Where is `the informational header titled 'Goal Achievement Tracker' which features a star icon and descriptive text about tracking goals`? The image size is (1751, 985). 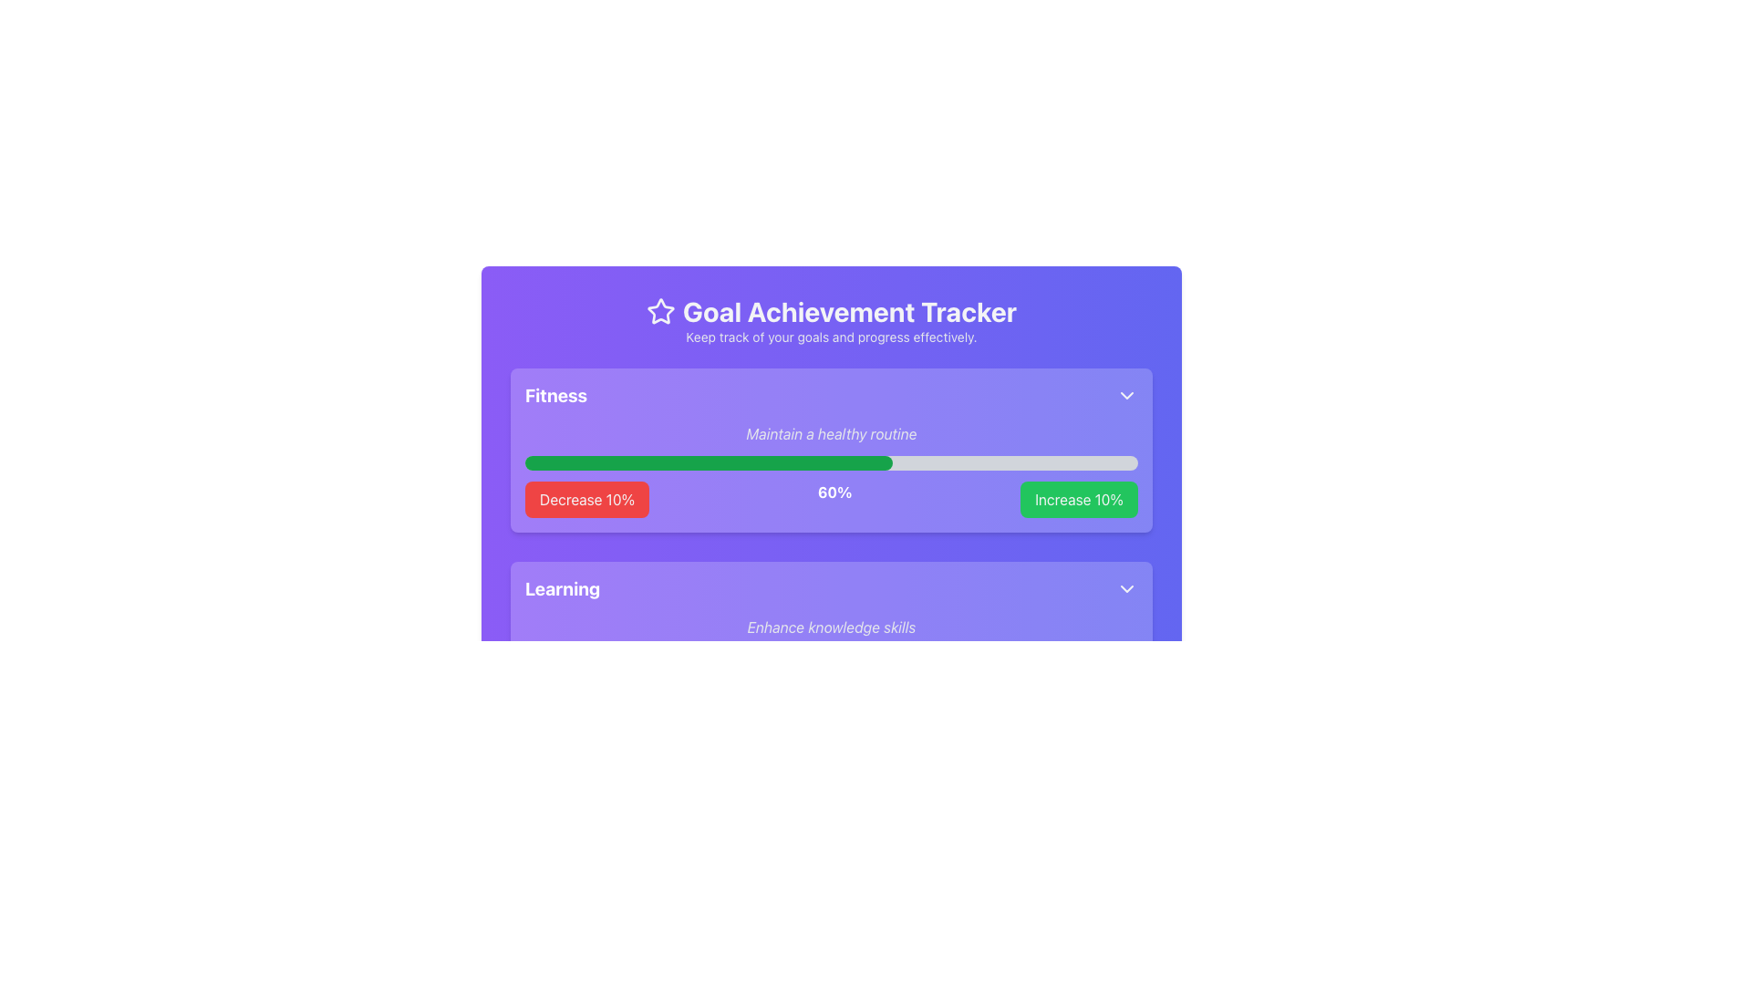 the informational header titled 'Goal Achievement Tracker' which features a star icon and descriptive text about tracking goals is located at coordinates (831, 319).